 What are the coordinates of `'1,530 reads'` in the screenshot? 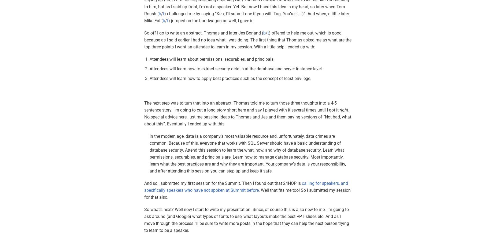 It's located at (372, 148).